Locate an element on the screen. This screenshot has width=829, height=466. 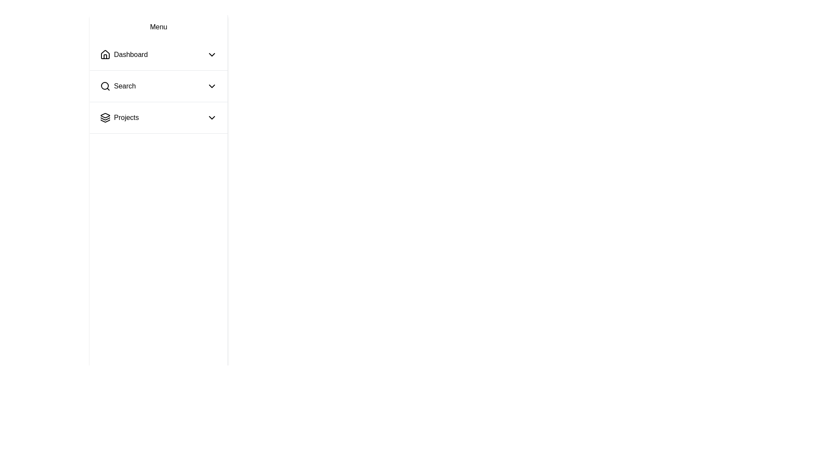
the Icon element which is located at the far left region within the 'Projects' menu item in the vertical navigation bar, preceding the text 'Projects' is located at coordinates (105, 118).